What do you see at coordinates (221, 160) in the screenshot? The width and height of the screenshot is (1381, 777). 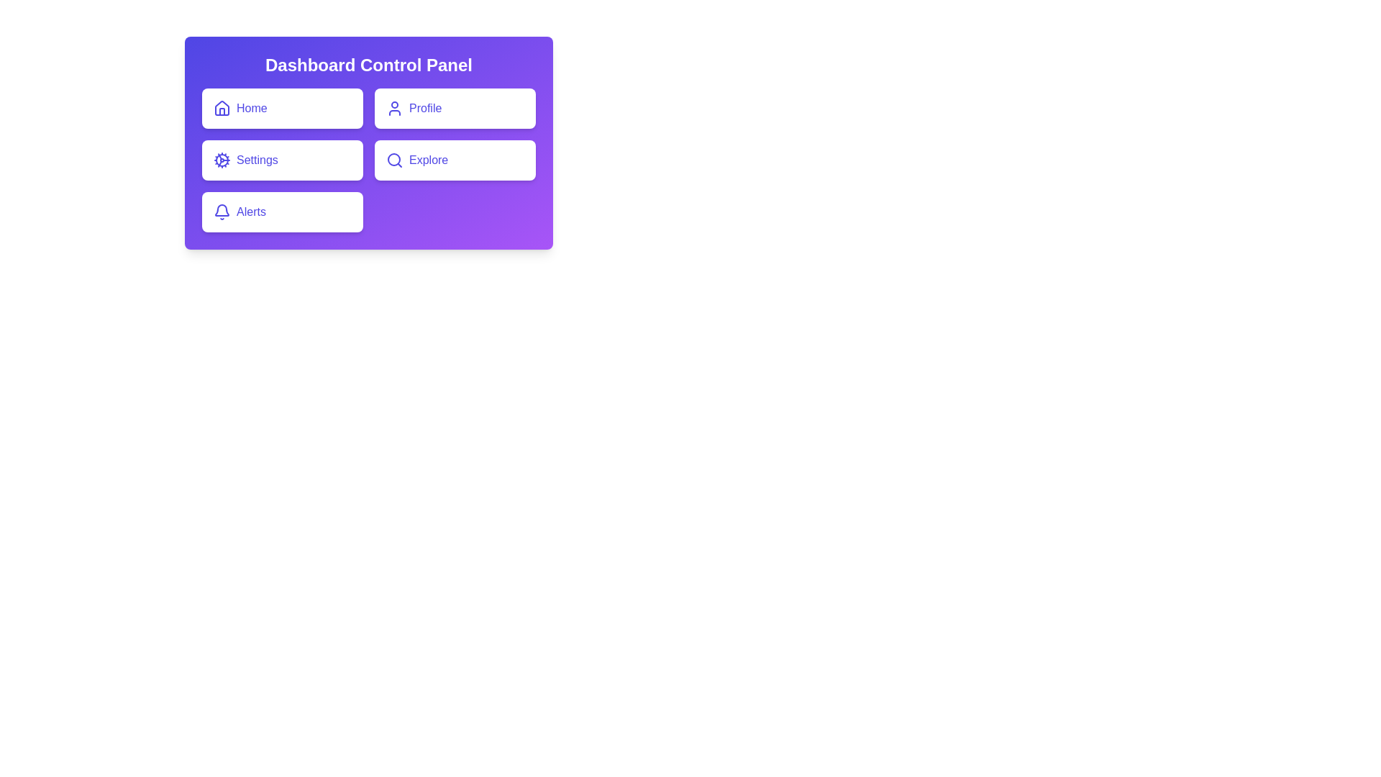 I see `the visual representation of the gear icon, which is the second button from the top left in the interface, adjacent to the 'Settings' text label under the 'Dashboard Control Panel' header` at bounding box center [221, 160].